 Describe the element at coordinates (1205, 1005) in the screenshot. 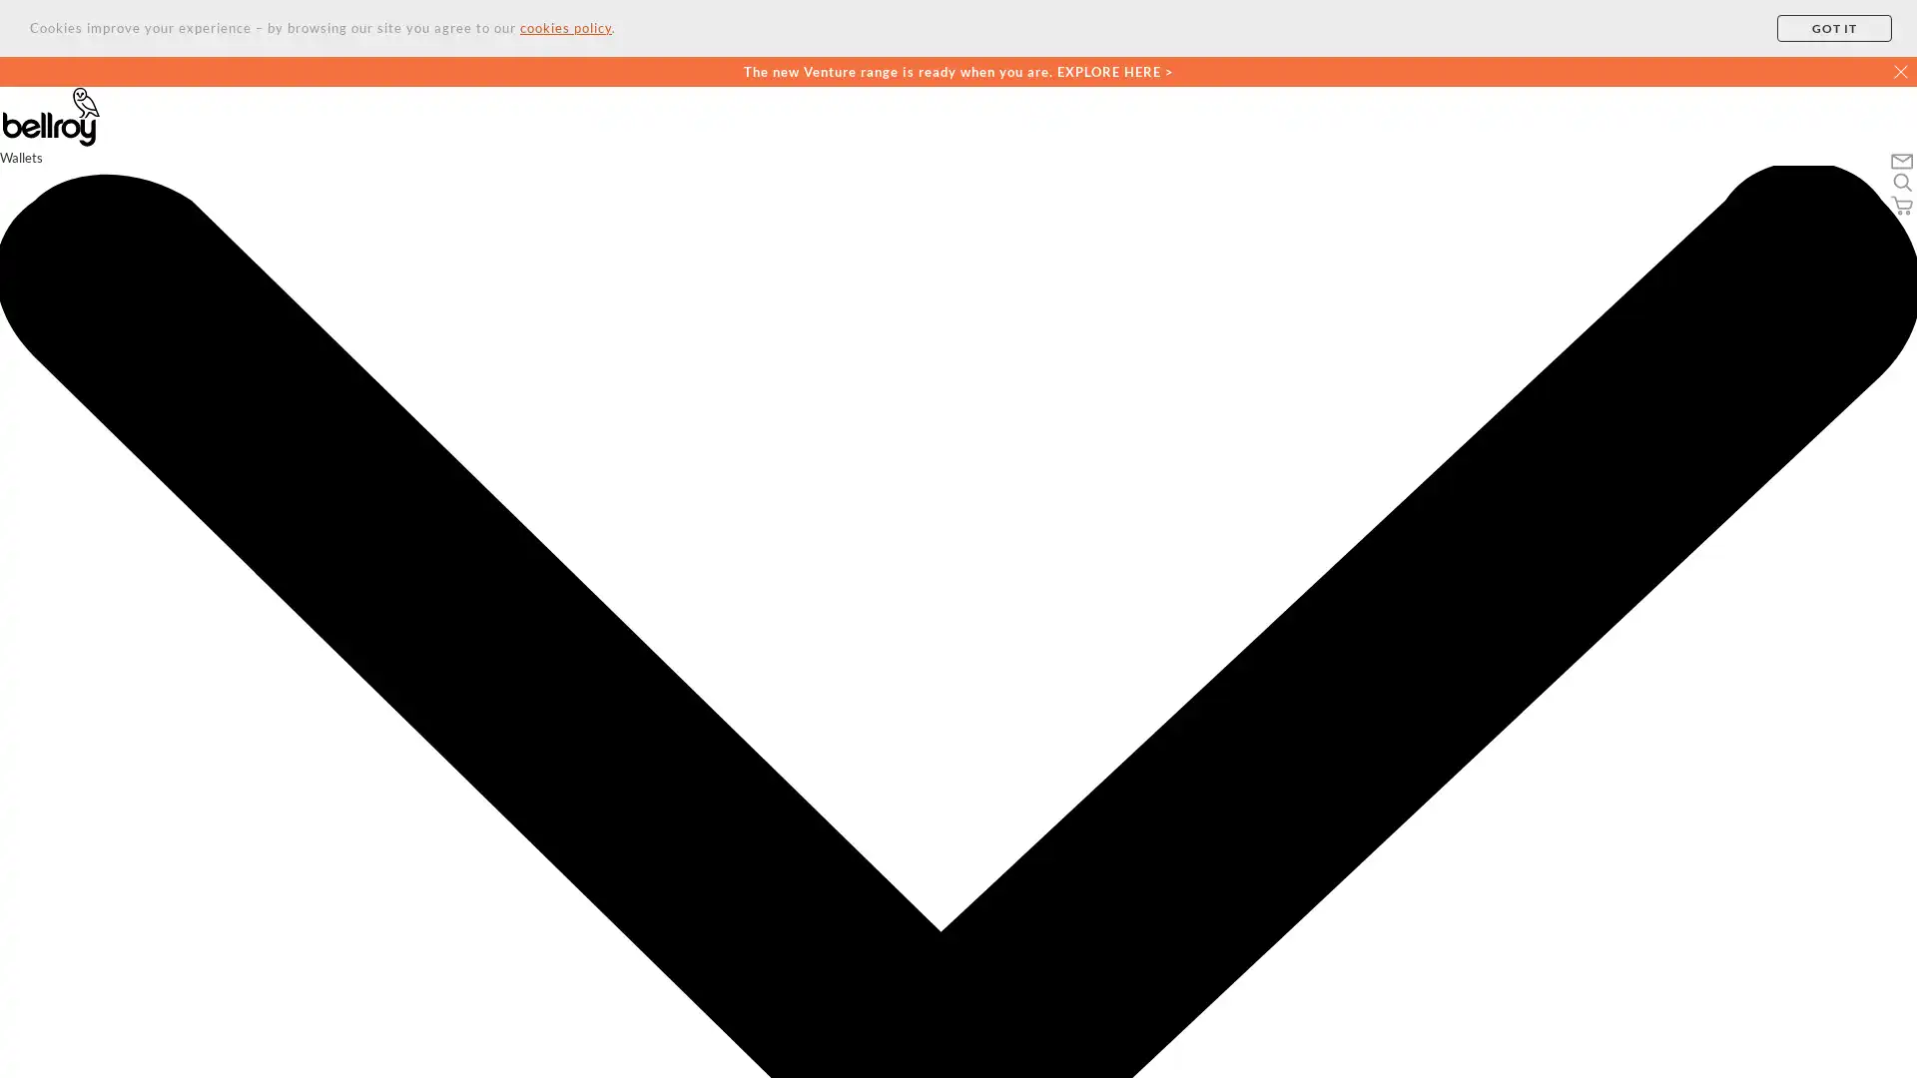

I see `SUBMIT` at that location.